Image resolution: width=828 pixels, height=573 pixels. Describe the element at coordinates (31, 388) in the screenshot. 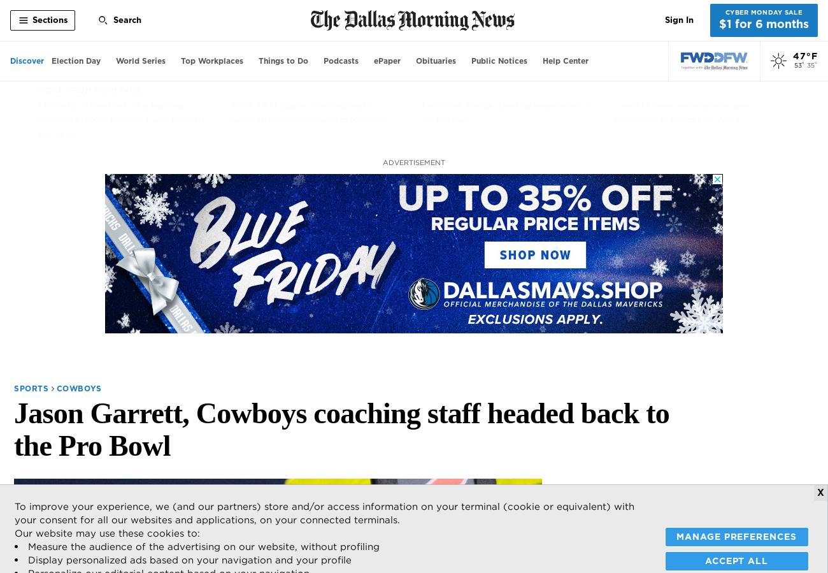

I see `'sports'` at that location.